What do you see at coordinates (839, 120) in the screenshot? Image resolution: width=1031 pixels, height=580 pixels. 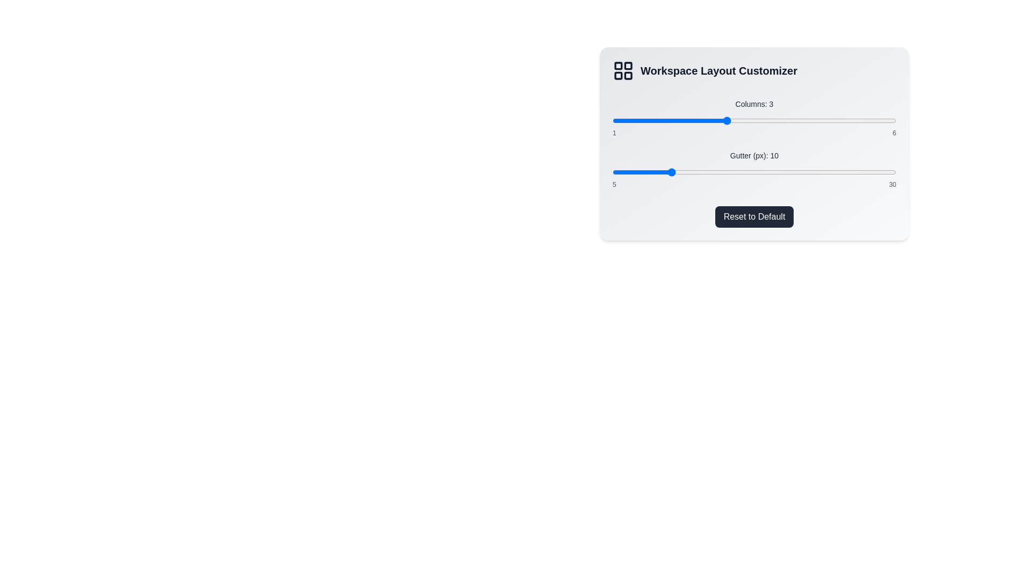 I see `the slider to set the value to 5` at bounding box center [839, 120].